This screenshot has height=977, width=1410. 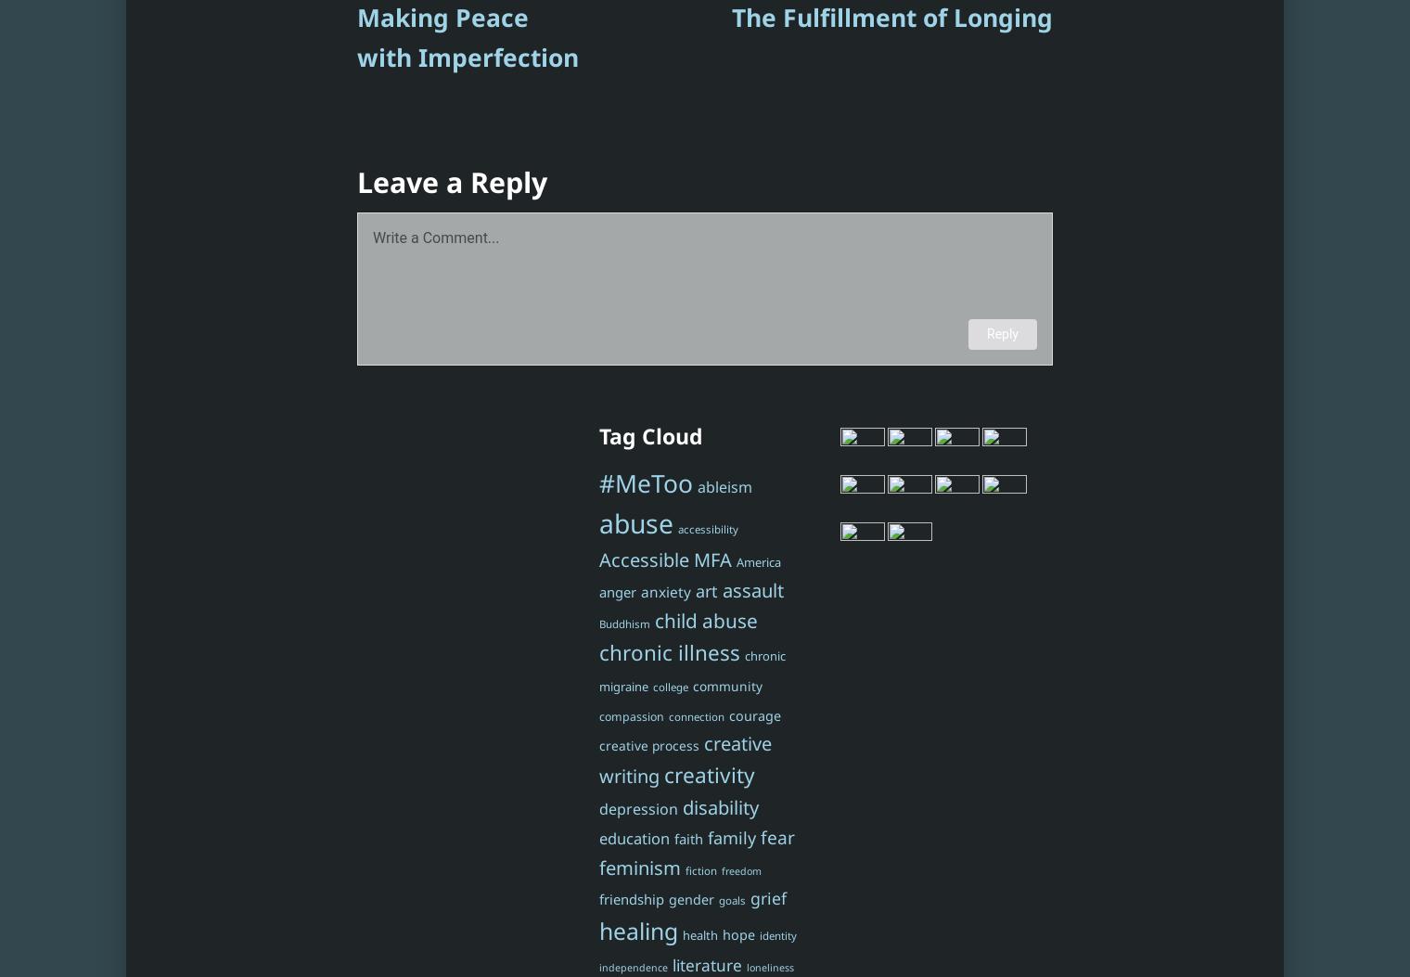 What do you see at coordinates (684, 757) in the screenshot?
I see `'creative writing'` at bounding box center [684, 757].